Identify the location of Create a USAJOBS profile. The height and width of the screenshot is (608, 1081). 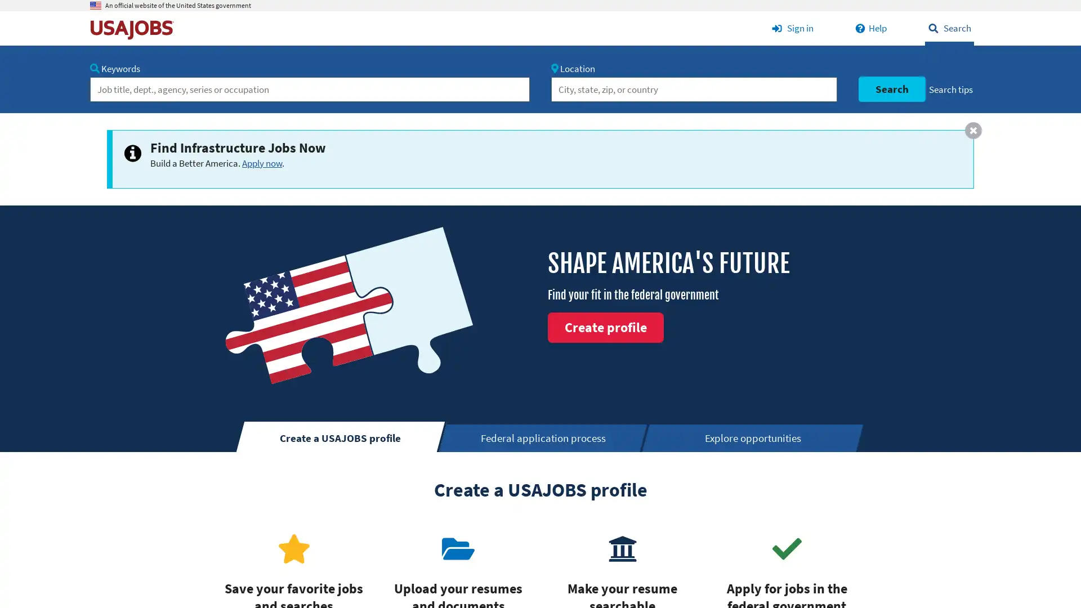
(340, 436).